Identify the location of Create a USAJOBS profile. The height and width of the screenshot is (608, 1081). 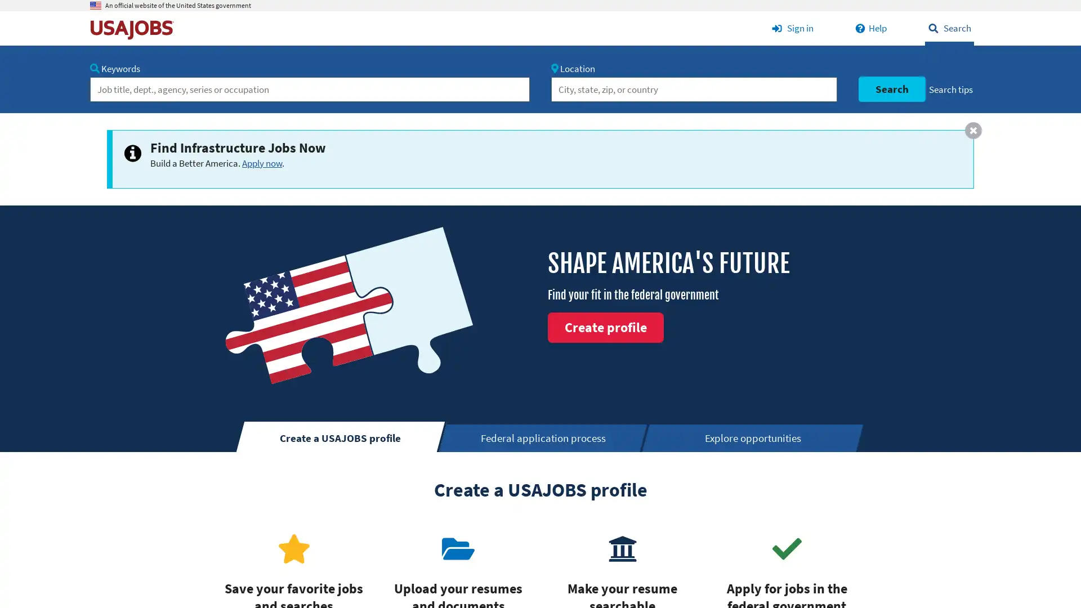
(340, 436).